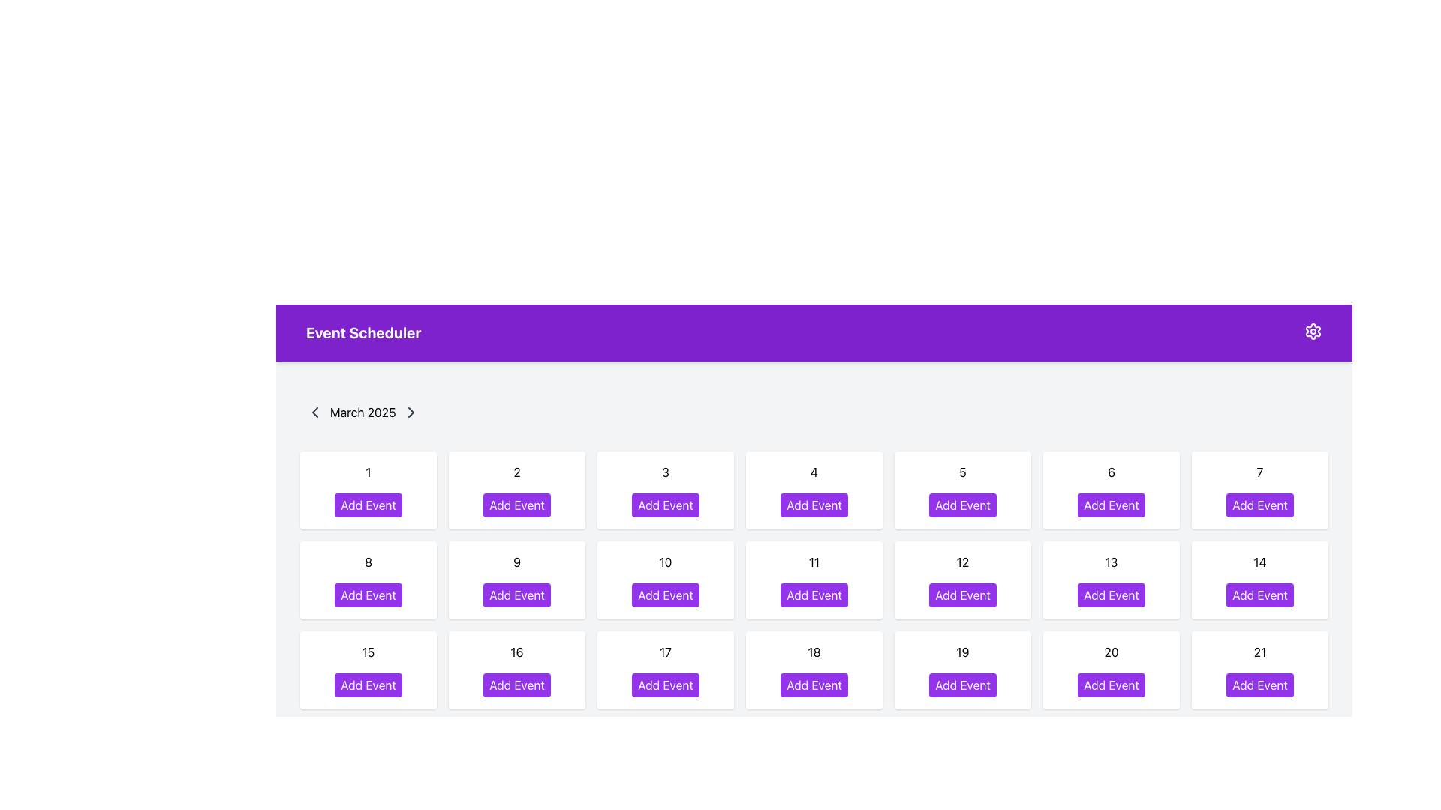 The image size is (1441, 810). What do you see at coordinates (1112, 490) in the screenshot?
I see `the 'Add Event' button on the date card representing the date '6' in the top row of the calendar grid to initiate the event creation process` at bounding box center [1112, 490].